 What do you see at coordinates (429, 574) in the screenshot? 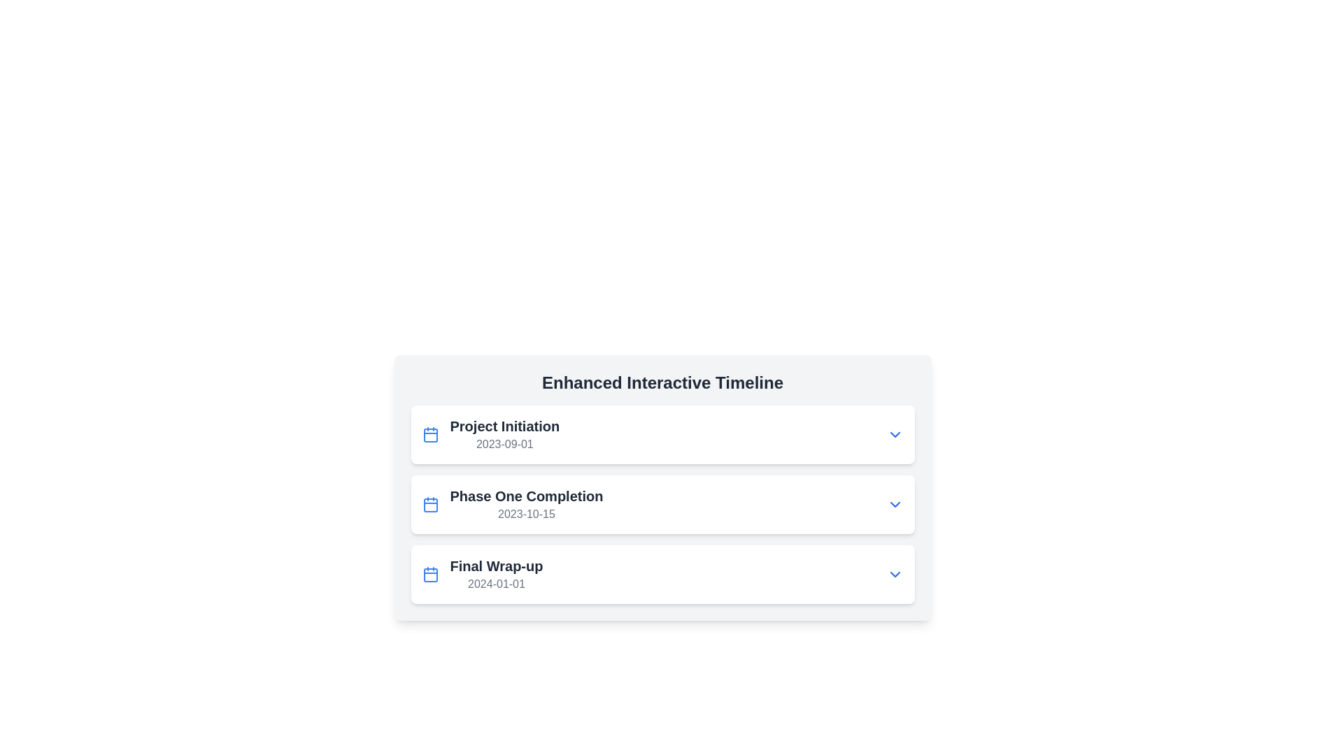
I see `the calendar icon located at the beginning of the 'Final Wrap-up' section, which signifies date-related content` at bounding box center [429, 574].